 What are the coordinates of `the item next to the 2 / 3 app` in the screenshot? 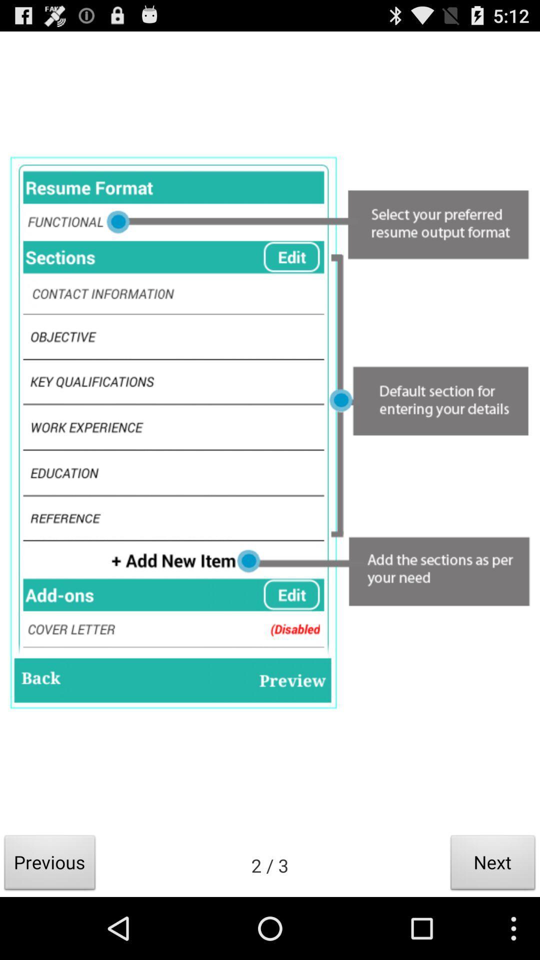 It's located at (50, 865).